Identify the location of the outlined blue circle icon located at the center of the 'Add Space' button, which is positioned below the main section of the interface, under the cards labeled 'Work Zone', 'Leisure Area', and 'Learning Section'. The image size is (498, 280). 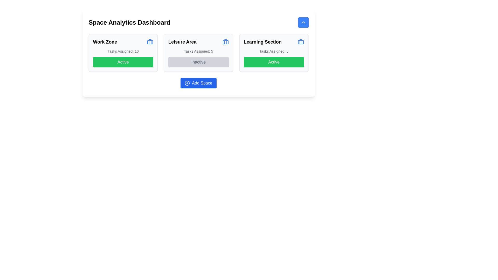
(187, 83).